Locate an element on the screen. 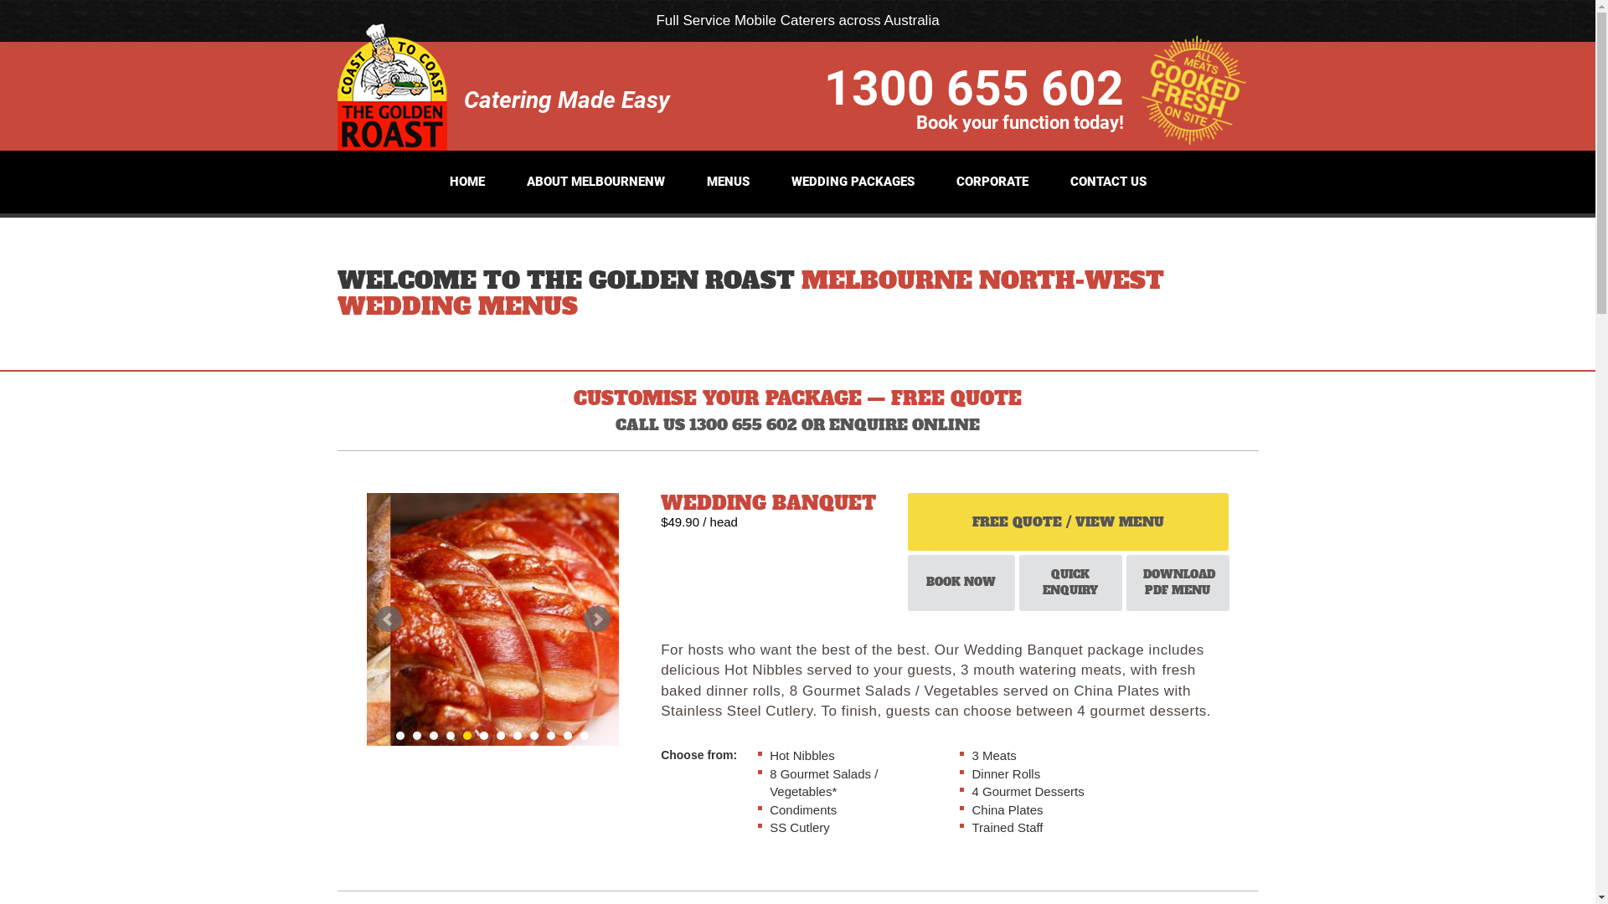  '4' is located at coordinates (450, 735).